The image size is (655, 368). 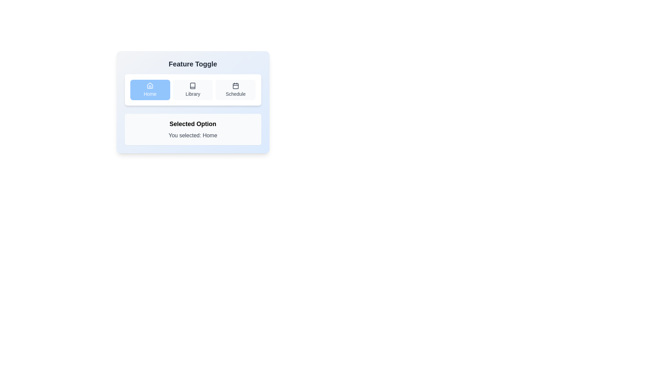 I want to click on the bold, centered text label 'Feature Toggle' which is prominently displayed at the top of its module, above navigation buttons, so click(x=192, y=64).